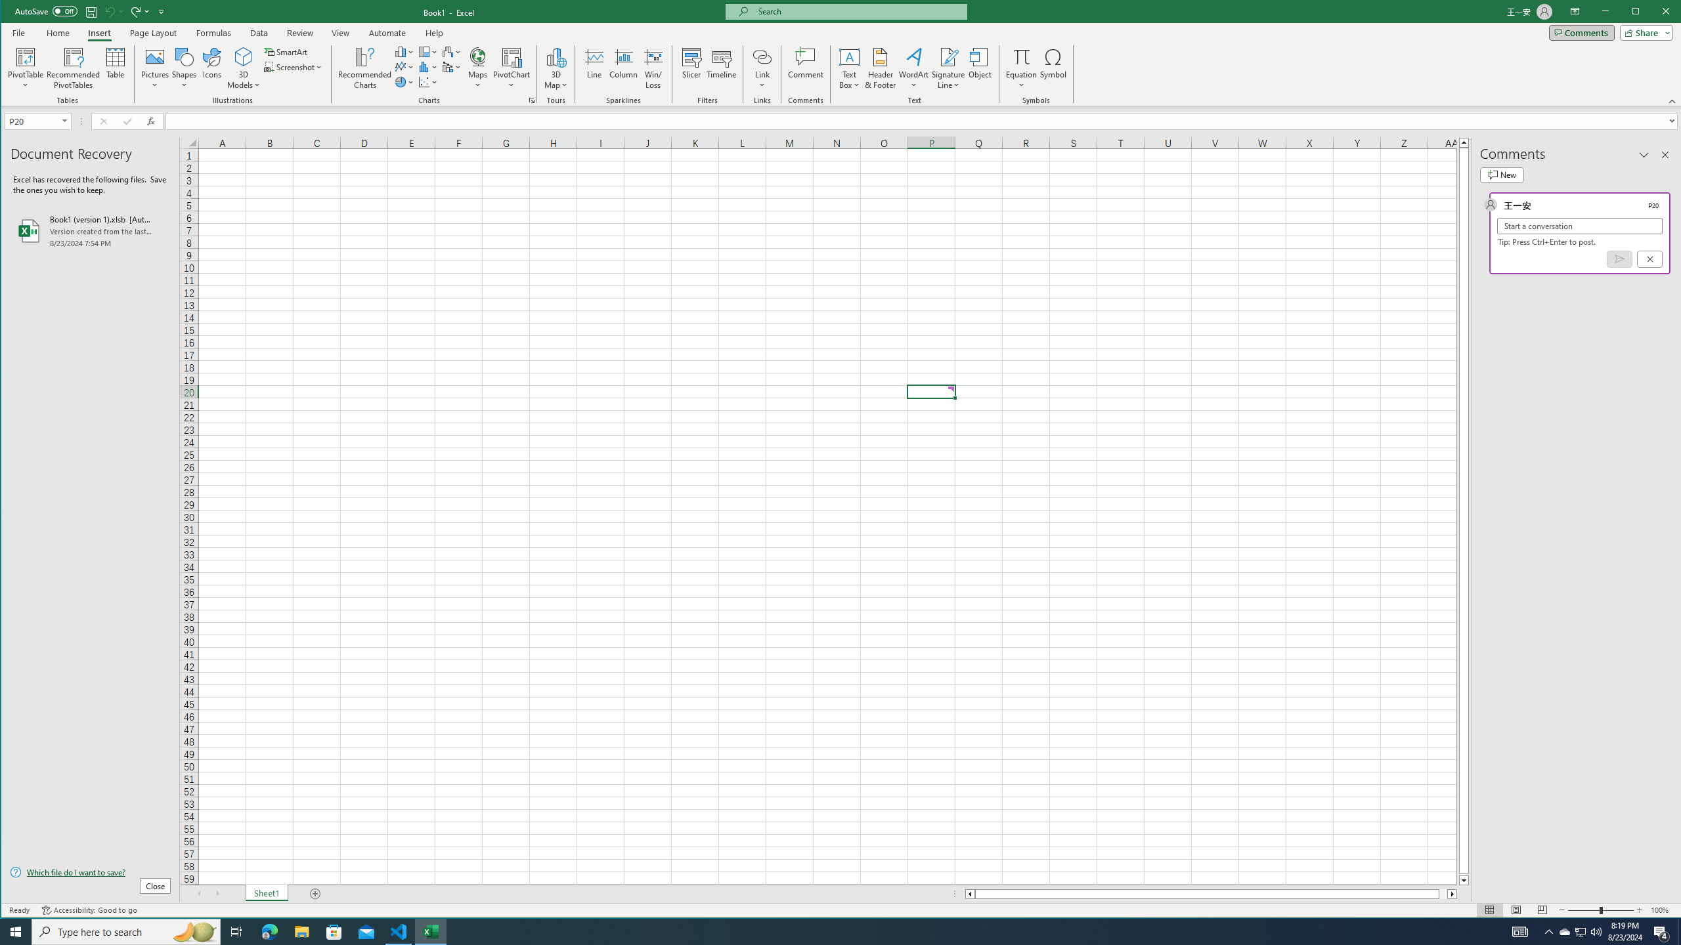  I want to click on 'SmartArt...', so click(286, 51).